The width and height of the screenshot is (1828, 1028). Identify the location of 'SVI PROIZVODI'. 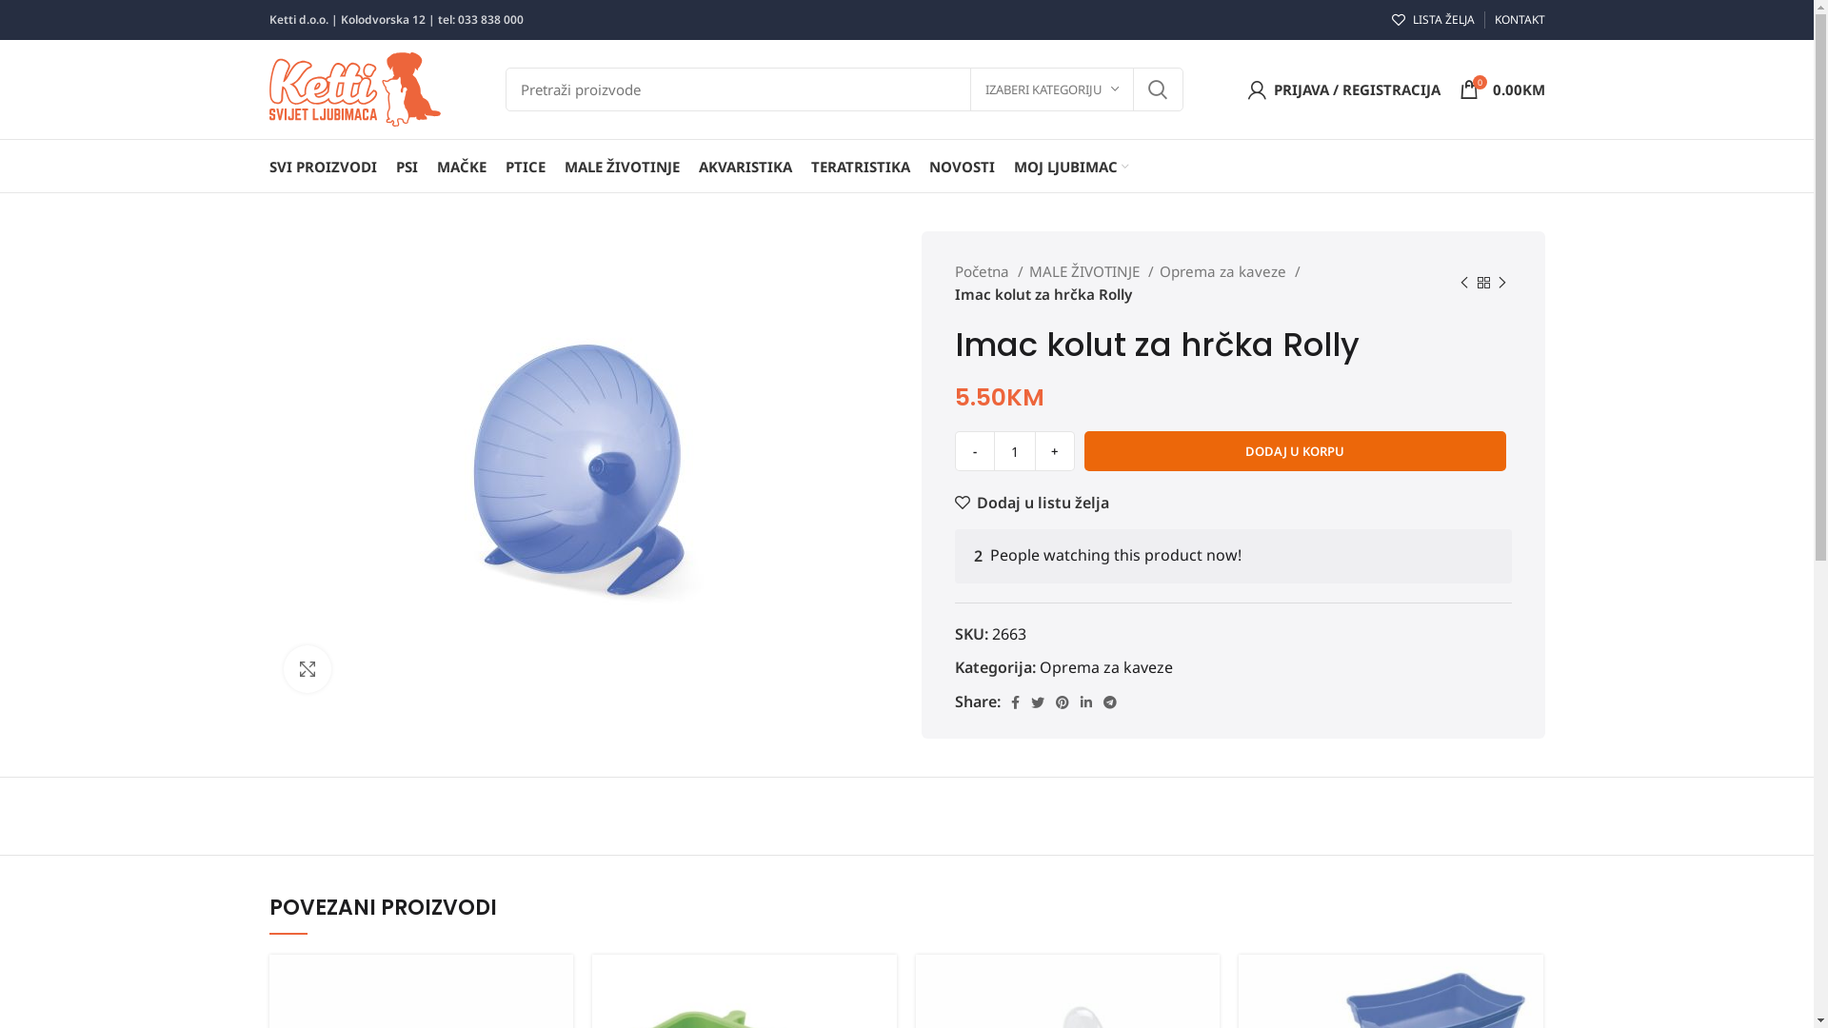
(322, 164).